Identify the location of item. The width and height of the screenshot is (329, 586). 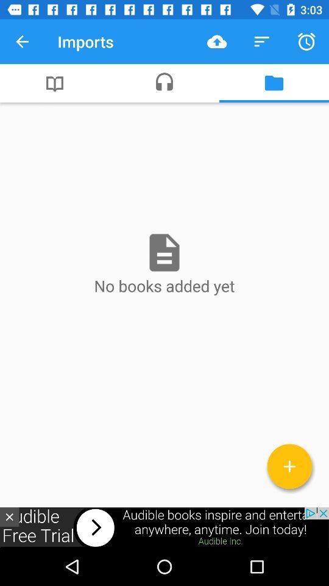
(289, 466).